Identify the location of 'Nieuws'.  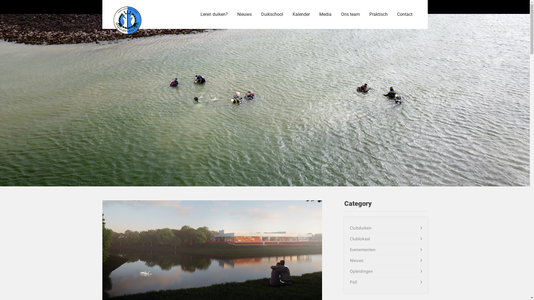
(233, 14).